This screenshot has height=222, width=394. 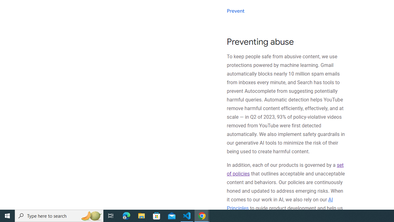 What do you see at coordinates (187, 215) in the screenshot?
I see `'Visual Studio Code - 1 running window'` at bounding box center [187, 215].